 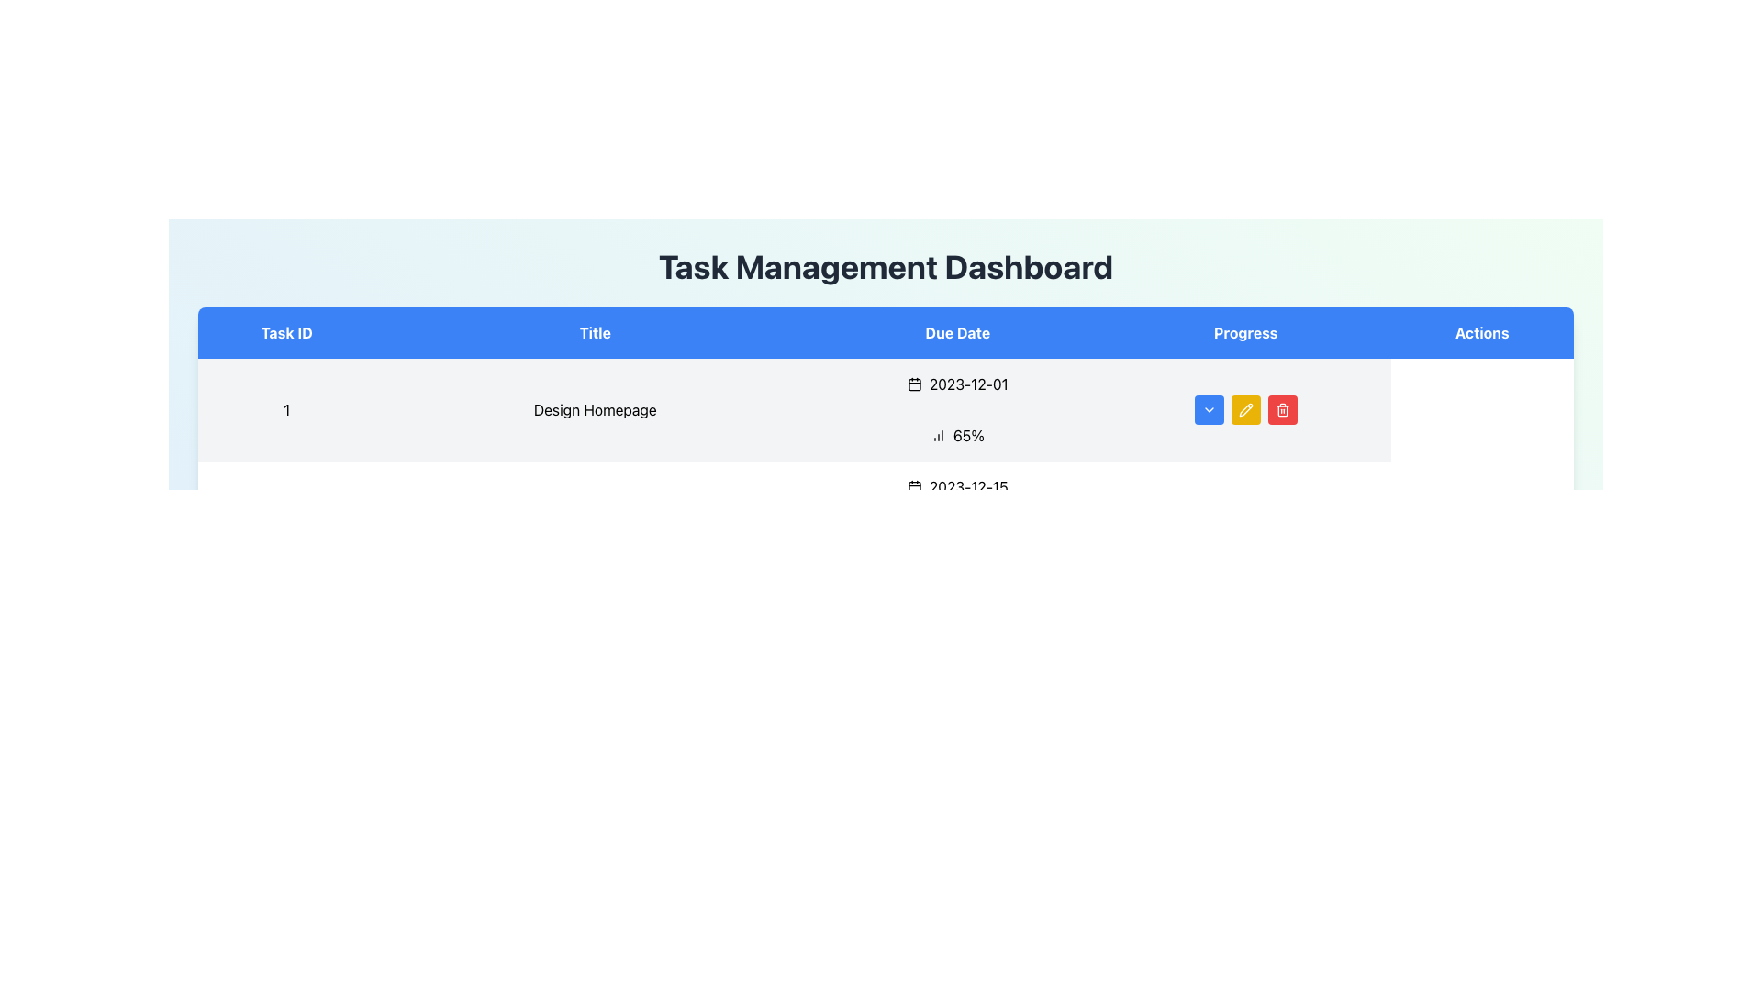 What do you see at coordinates (956, 435) in the screenshot?
I see `the percentage value displayed in the Progress column of the table, located in the first row, between the Due Date and Actions columns` at bounding box center [956, 435].